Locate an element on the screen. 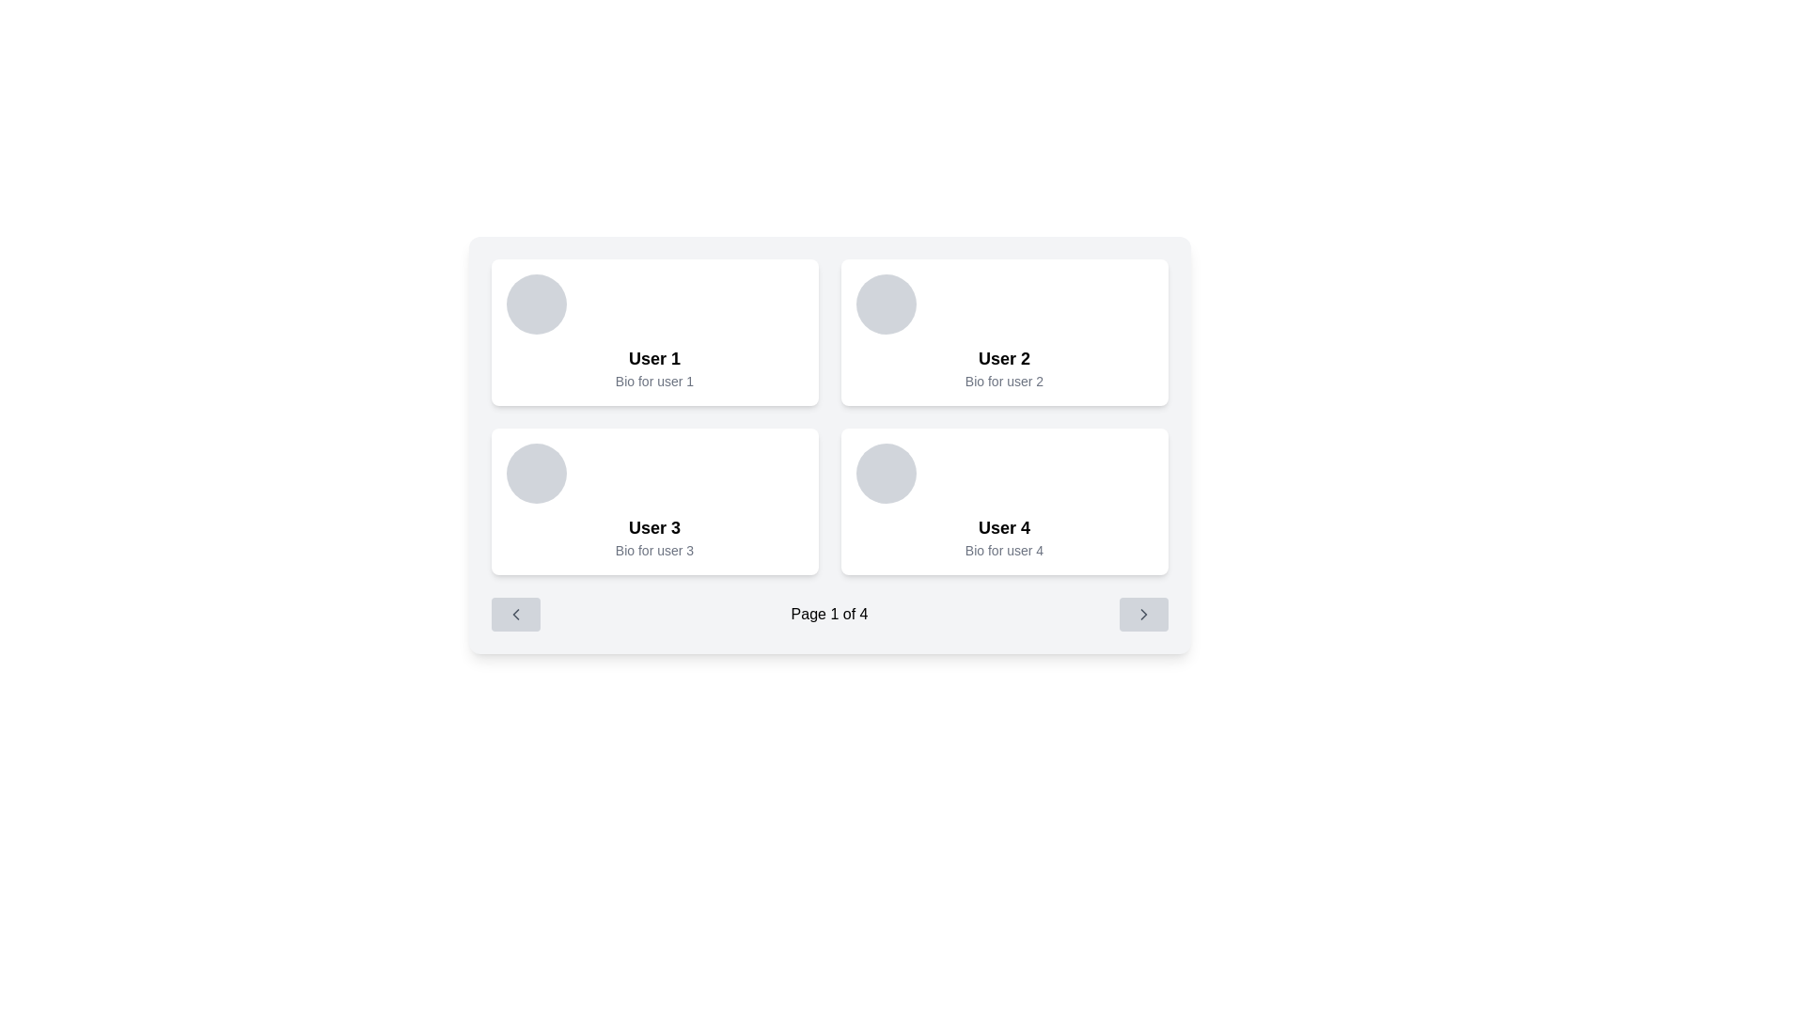 The width and height of the screenshot is (1805, 1015). the image placeholder representing the user's profile picture at the top left corner of the 'User 2' card is located at coordinates (885, 304).